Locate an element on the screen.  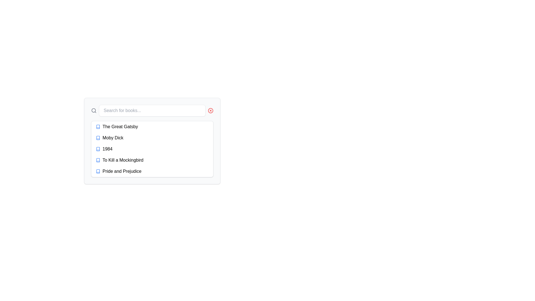
the graphical icon resembling an open book located beside the text 'Pride and Prejudice' in the lower portion of the interface is located at coordinates (98, 171).